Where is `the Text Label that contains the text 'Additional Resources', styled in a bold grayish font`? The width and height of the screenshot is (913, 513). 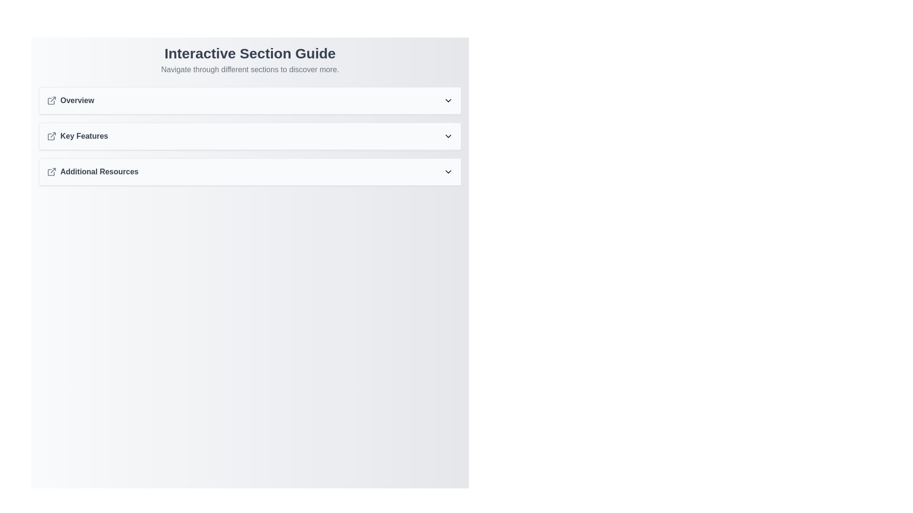
the Text Label that contains the text 'Additional Resources', styled in a bold grayish font is located at coordinates (99, 172).